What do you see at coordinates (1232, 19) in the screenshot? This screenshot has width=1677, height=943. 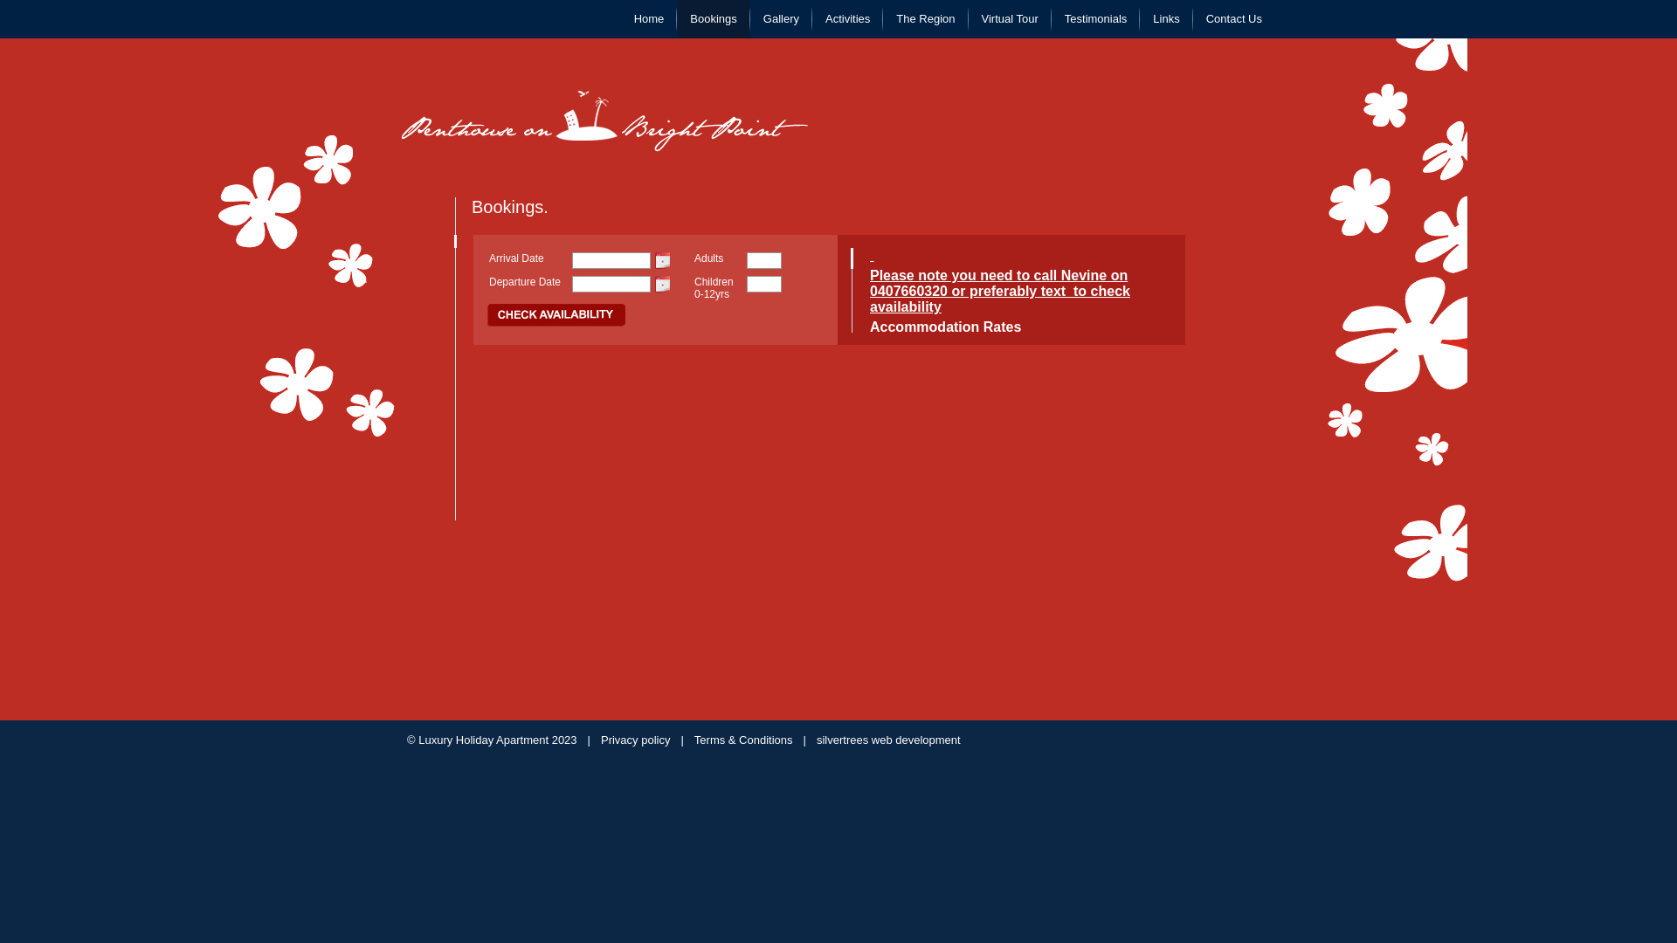 I see `'Contact Us'` at bounding box center [1232, 19].